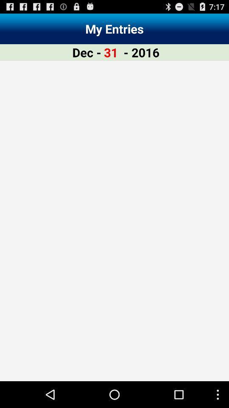 The width and height of the screenshot is (229, 408). What do you see at coordinates (111, 52) in the screenshot?
I see `item next to dec - app` at bounding box center [111, 52].